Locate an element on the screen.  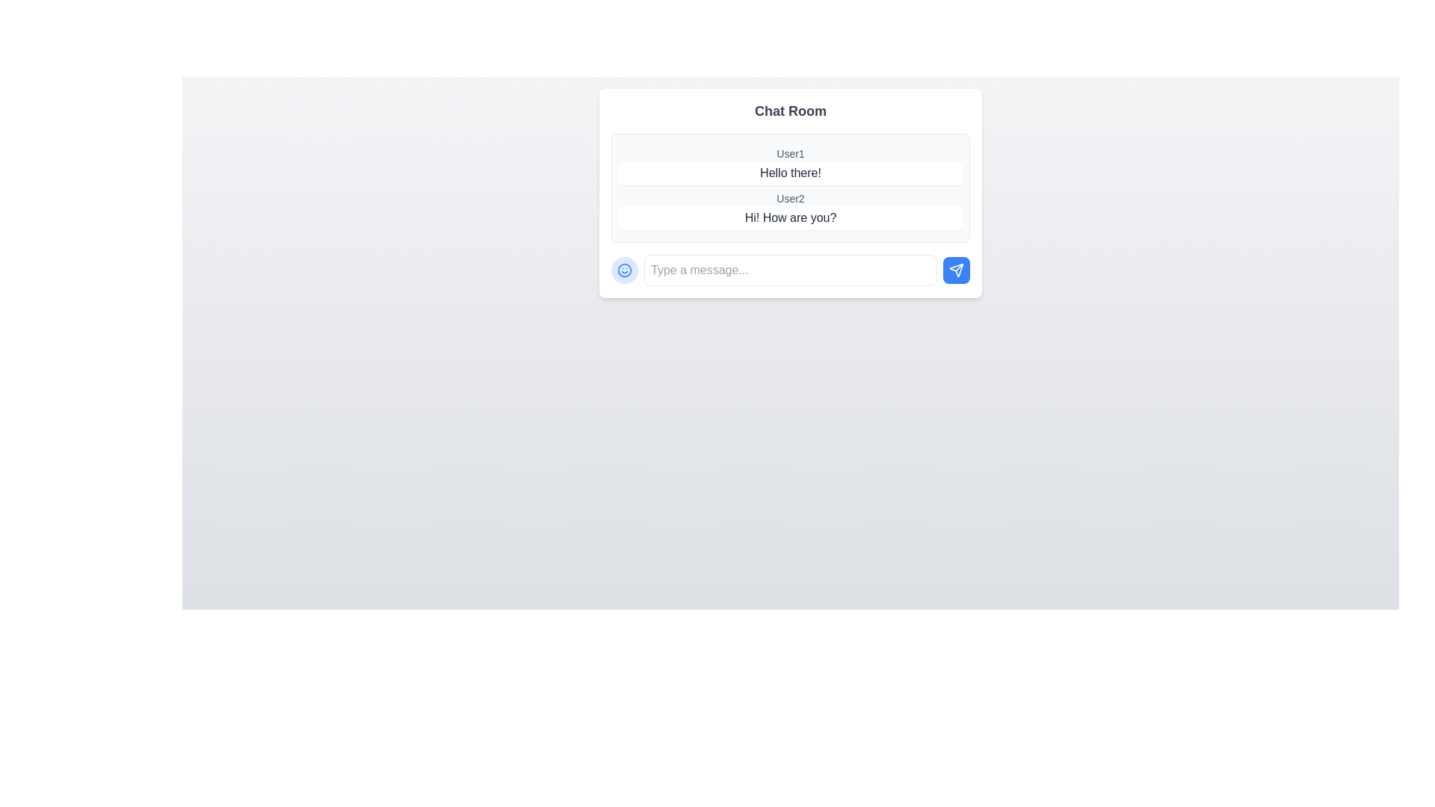
the 'Chat Room' static text label, which is styled in bold gray font and centered at the top of the chat interface panel is located at coordinates (789, 111).